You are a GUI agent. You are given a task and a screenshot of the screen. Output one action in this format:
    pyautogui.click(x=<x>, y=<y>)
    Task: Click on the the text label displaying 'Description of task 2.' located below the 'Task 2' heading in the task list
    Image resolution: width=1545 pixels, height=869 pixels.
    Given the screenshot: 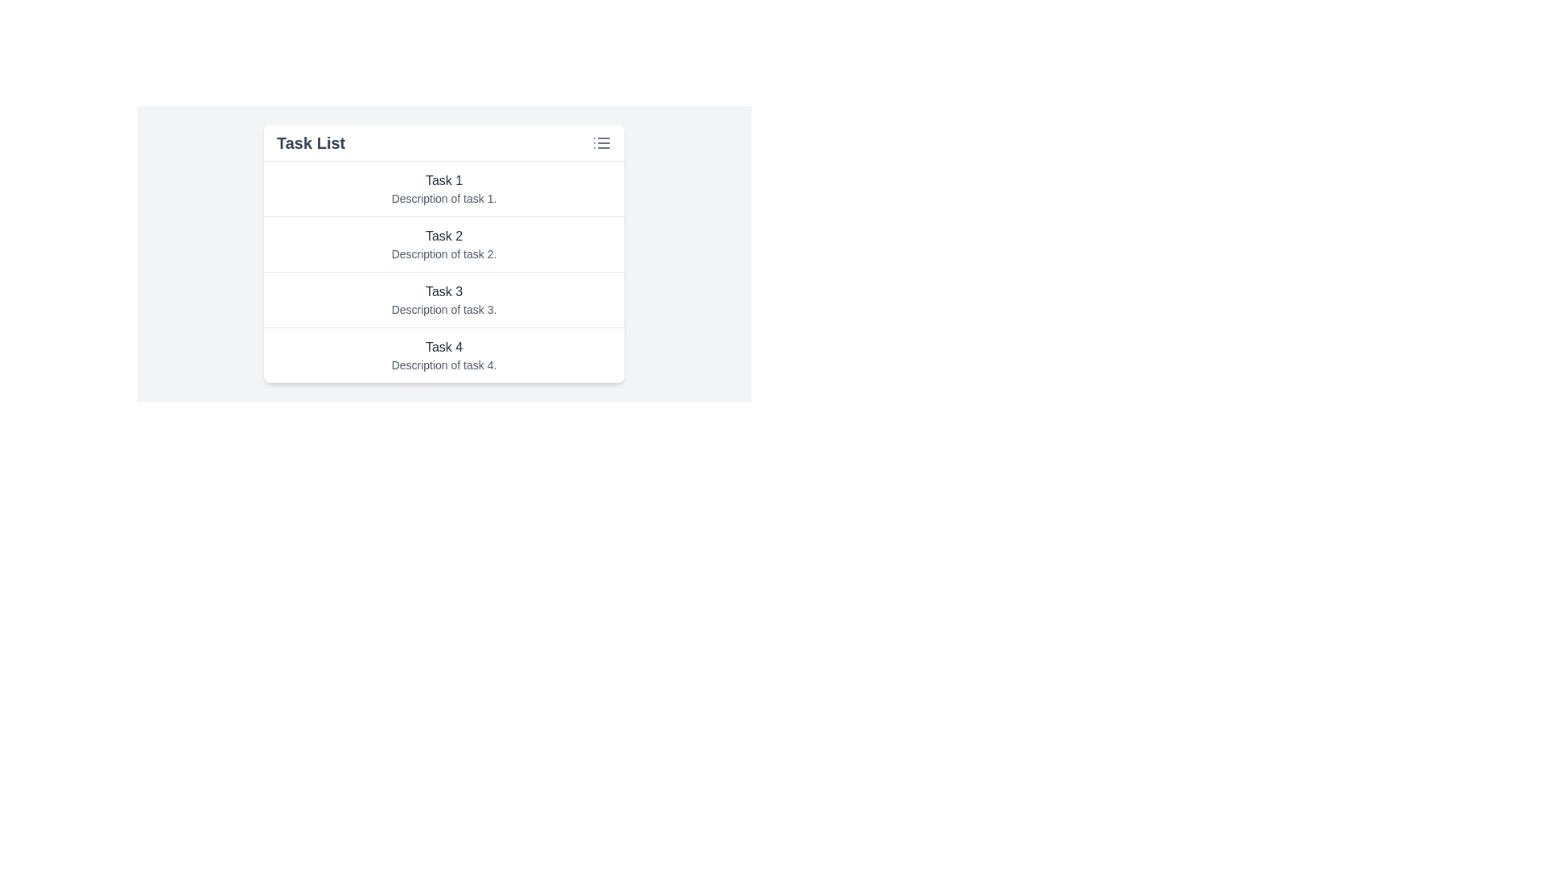 What is the action you would take?
    pyautogui.click(x=444, y=253)
    